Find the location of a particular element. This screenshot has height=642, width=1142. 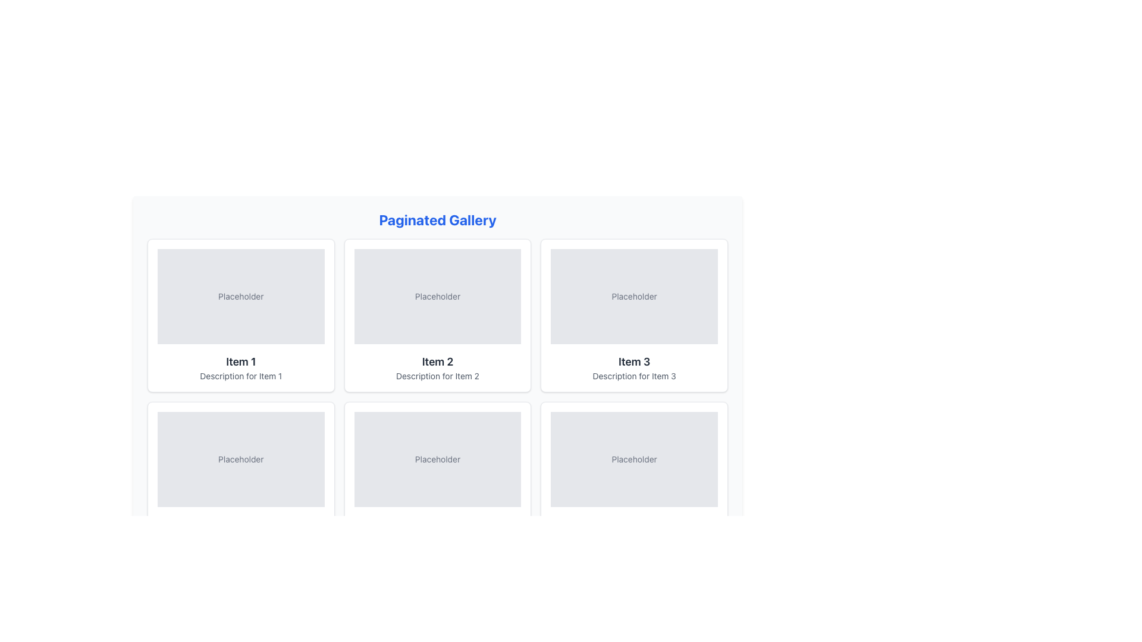

the visual placeholder labeled 'Placeholder' is located at coordinates (240, 295).